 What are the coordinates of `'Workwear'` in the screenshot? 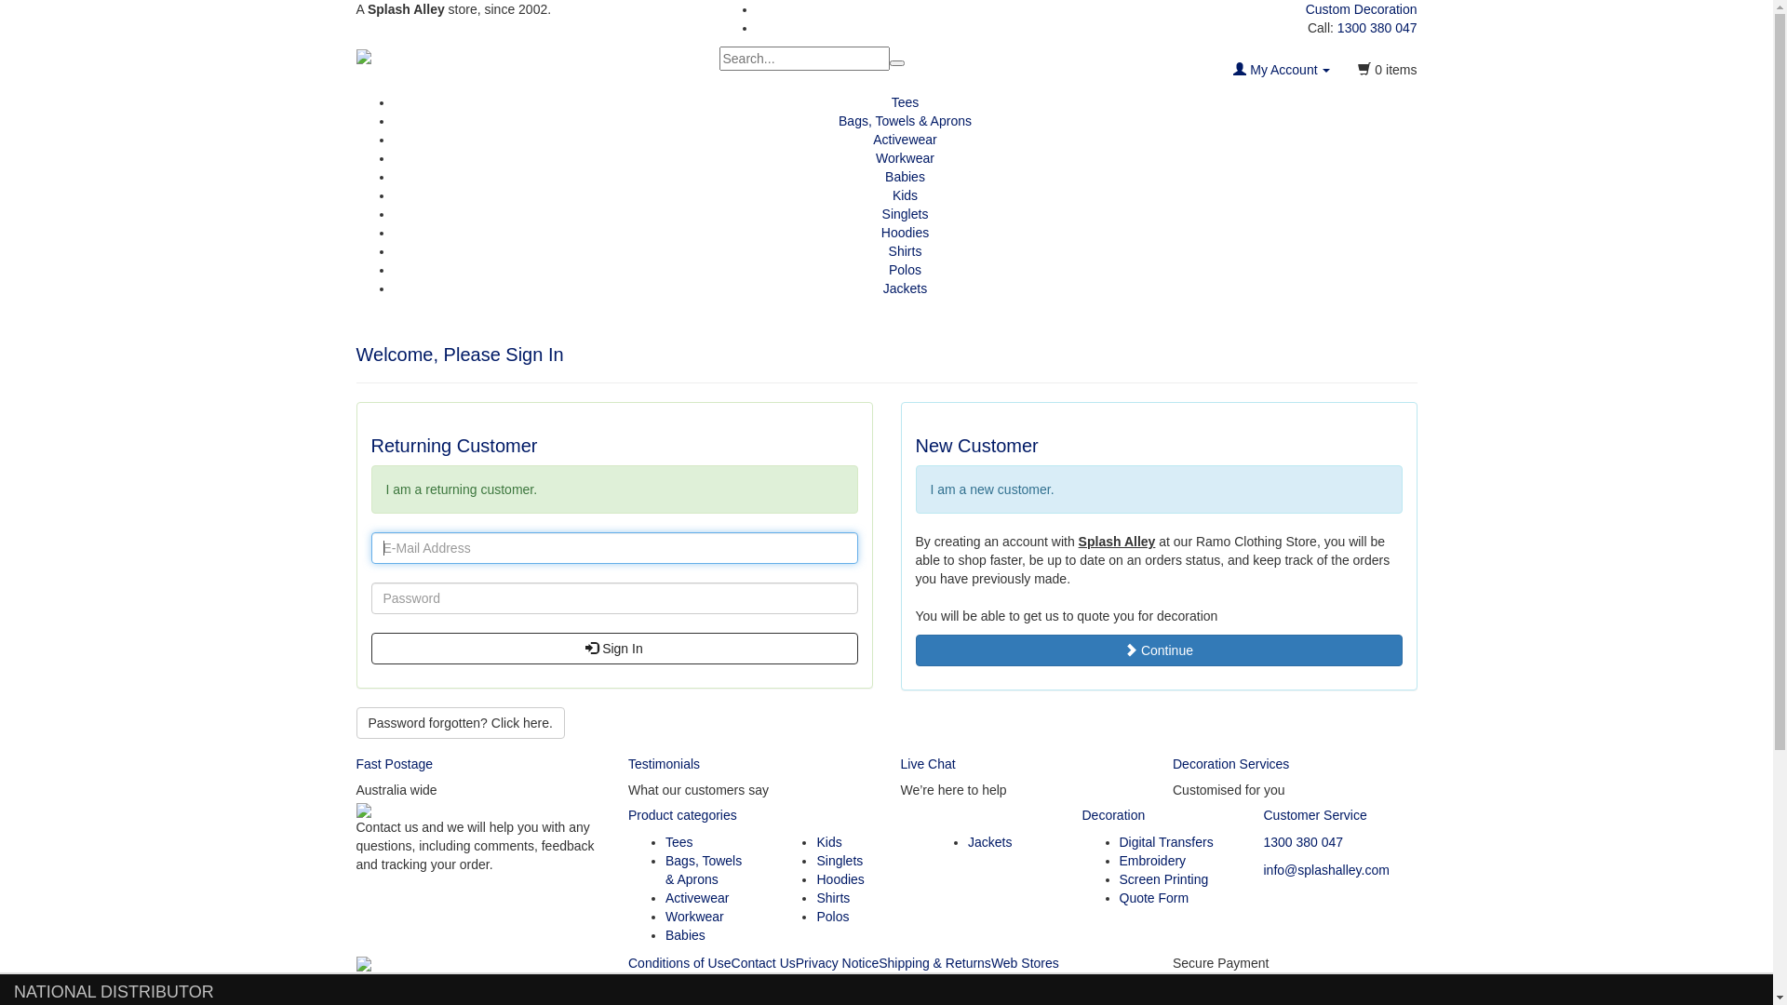 It's located at (693, 915).